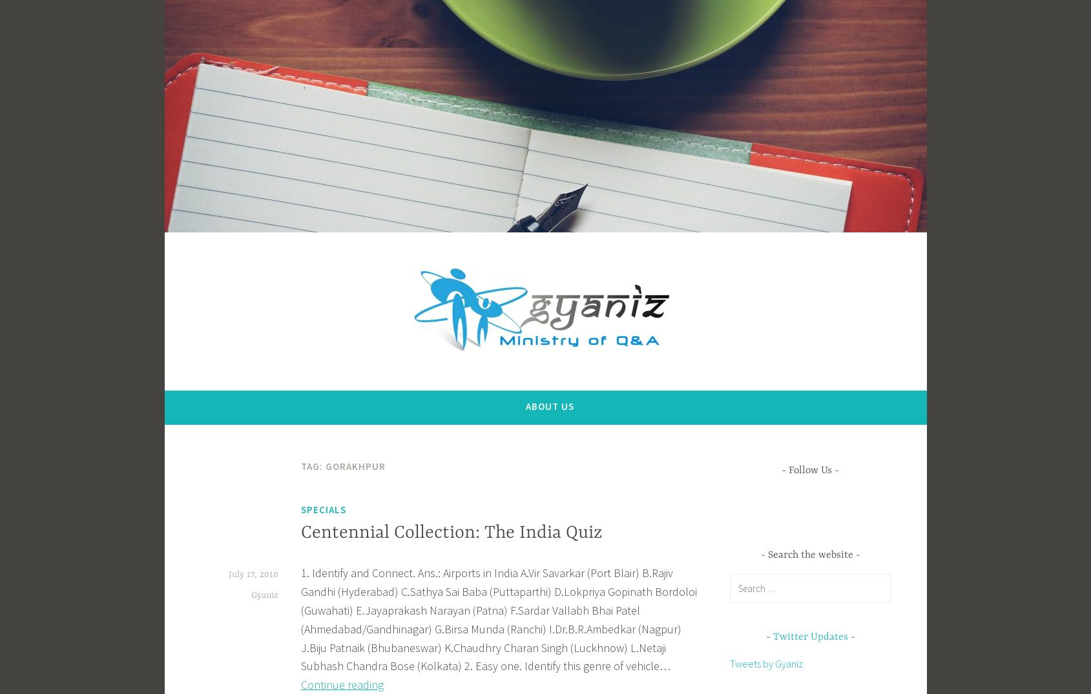 The image size is (1091, 694). What do you see at coordinates (299, 619) in the screenshot?
I see `'1. Identify and Connect. Ans.: Airports in India A.Vir Savarkar (Port Blair) B.Rajiv Gandhi (Hyderabad) C.Sathya Sai Baba (Puttaparthi) D.Lokpriya Gopinath Bordoloi (Guwahati) E.Jayaprakash Narayan (Patna) F.Sardar Vallabh Bhai Patel (Ahmedabad/Gandhinagar) G.Birsa Munda (Ranchi) I.Dr.B.R.Ambedkar (Nagpur) J.Biju Patnaik (Bhubaneswar) K.Chaudhry Charan Singh (Luckhnow) L.Netaji Subhash Chandra Bose (Kolkata) 2. Easy one. Identify this genre of vehicle…'` at bounding box center [299, 619].